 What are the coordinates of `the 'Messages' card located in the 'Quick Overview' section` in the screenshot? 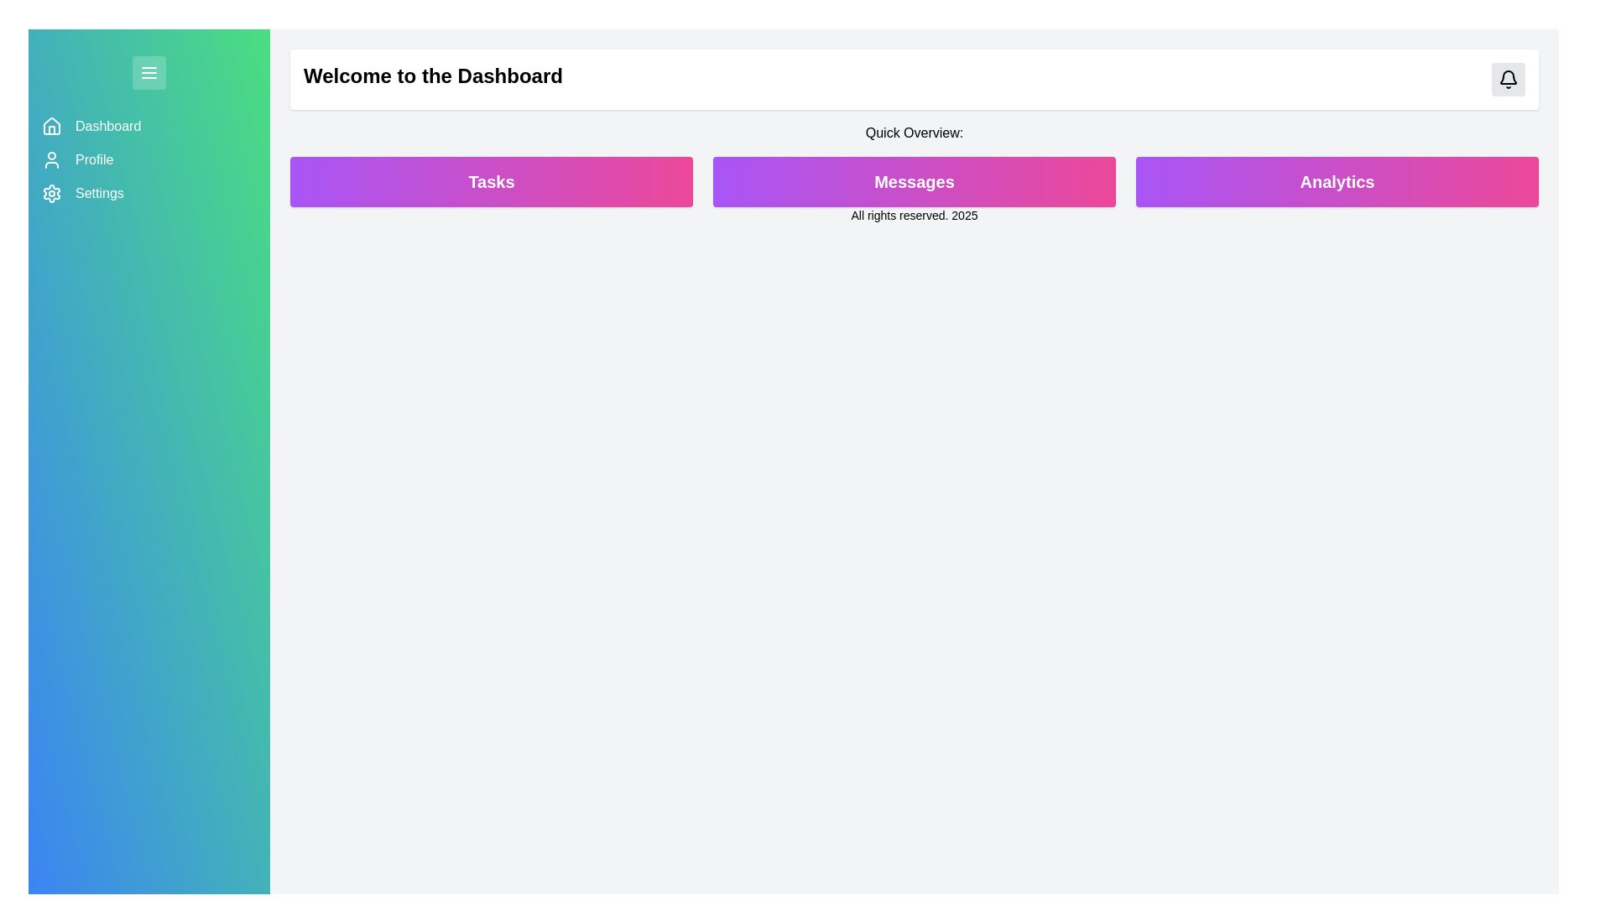 It's located at (913, 181).